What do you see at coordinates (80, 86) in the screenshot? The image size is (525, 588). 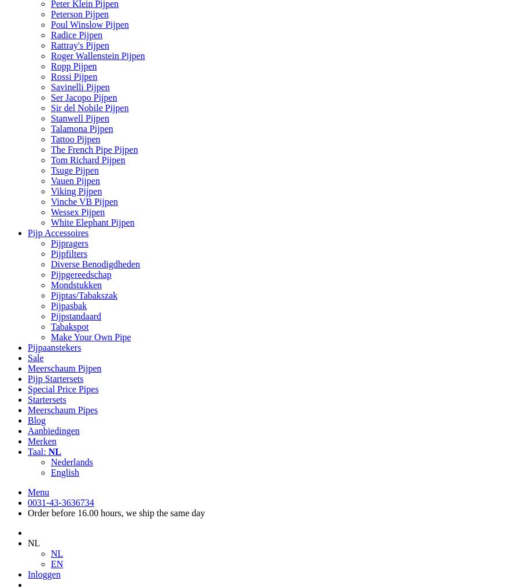 I see `'Savinelli Pijpen'` at bounding box center [80, 86].